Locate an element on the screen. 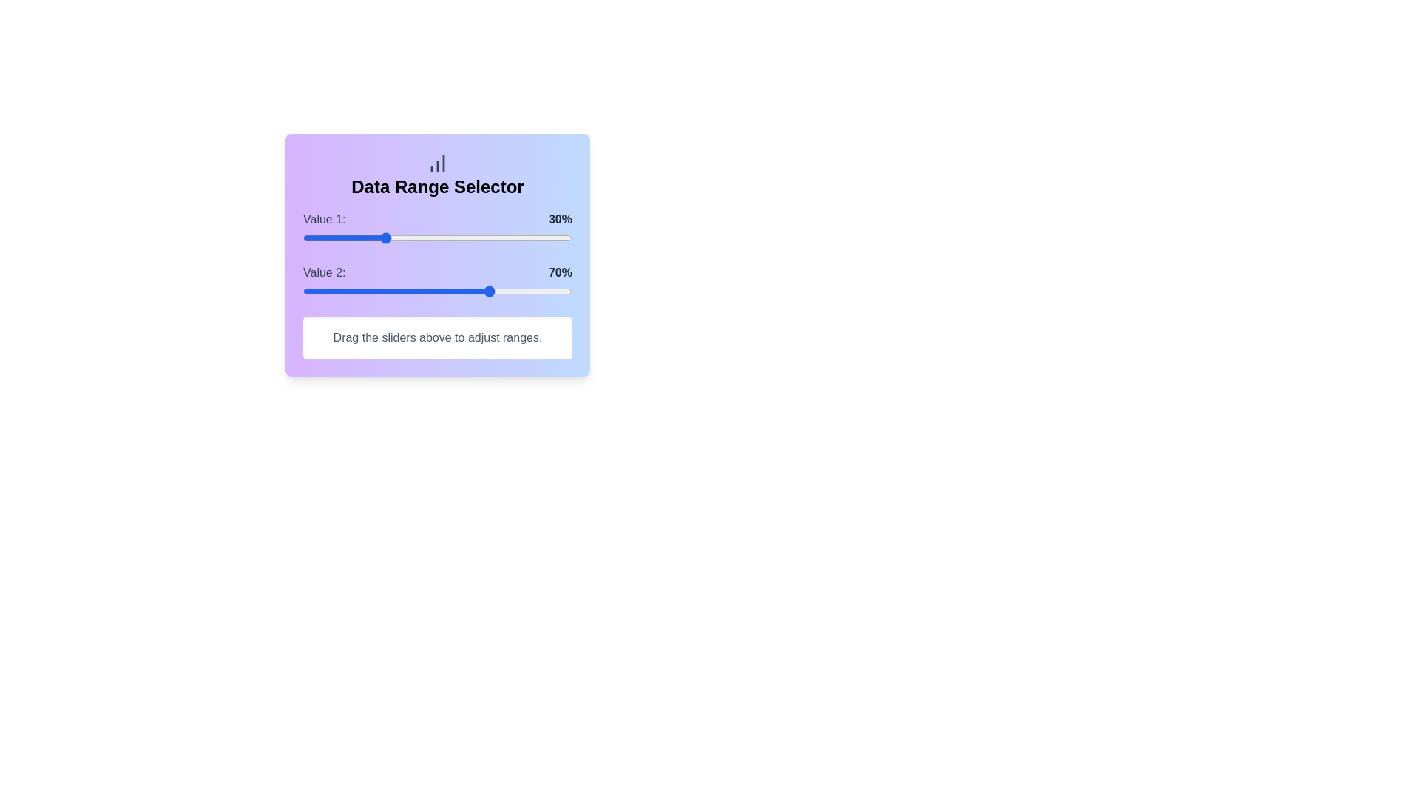 The width and height of the screenshot is (1420, 799). the slider for Value 1 to set its percentage to 66 is located at coordinates (481, 237).